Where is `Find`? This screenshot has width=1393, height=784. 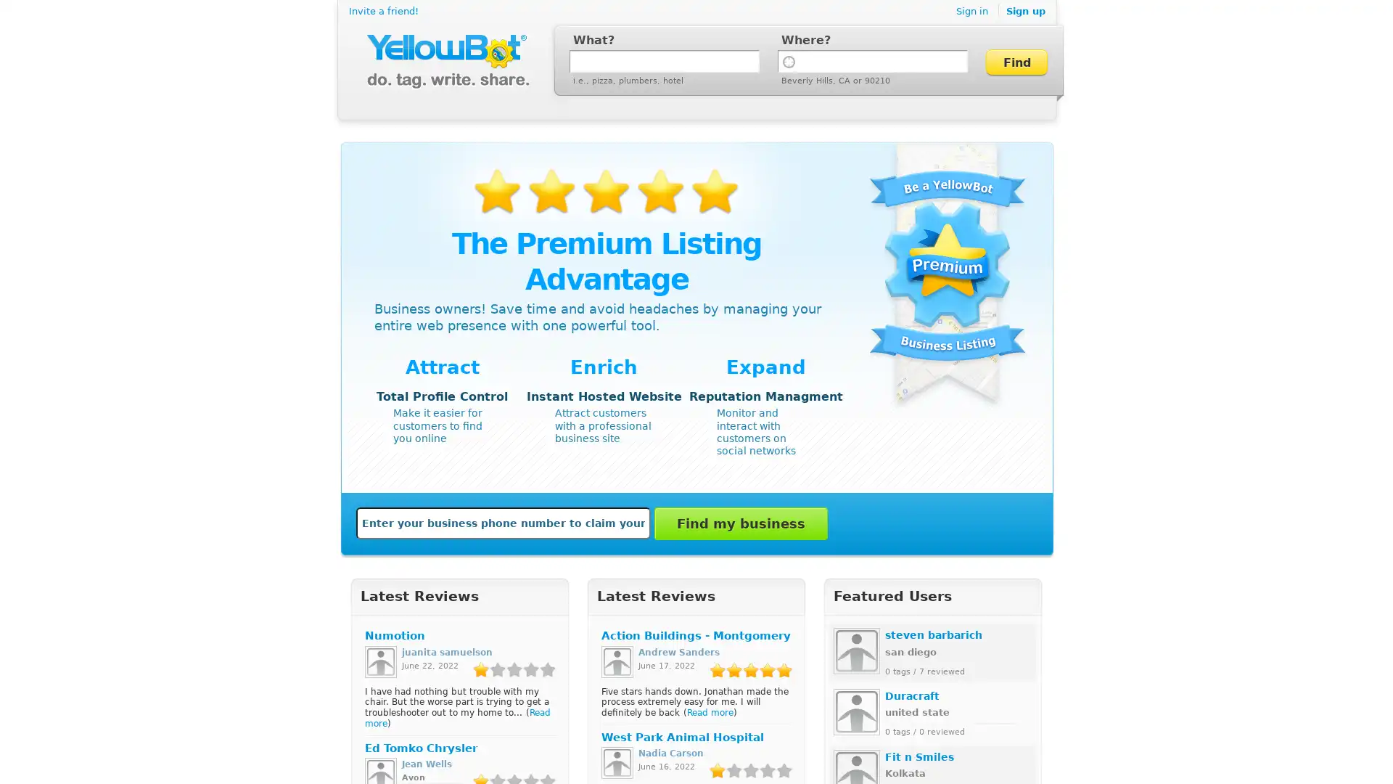 Find is located at coordinates (1016, 61).